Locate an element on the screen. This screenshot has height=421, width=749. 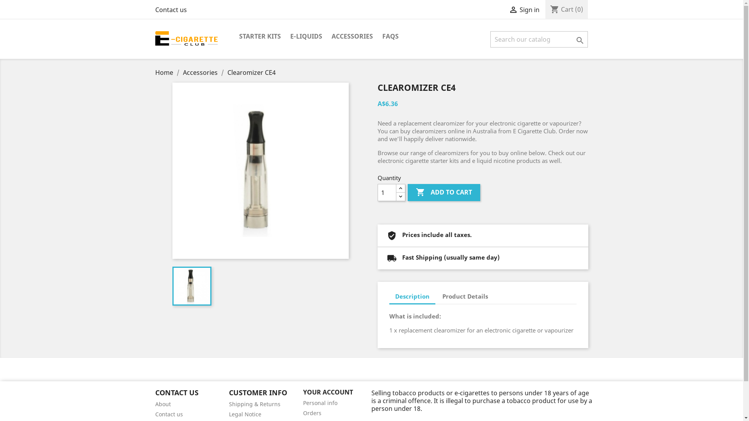
'FAQS' is located at coordinates (390, 37).